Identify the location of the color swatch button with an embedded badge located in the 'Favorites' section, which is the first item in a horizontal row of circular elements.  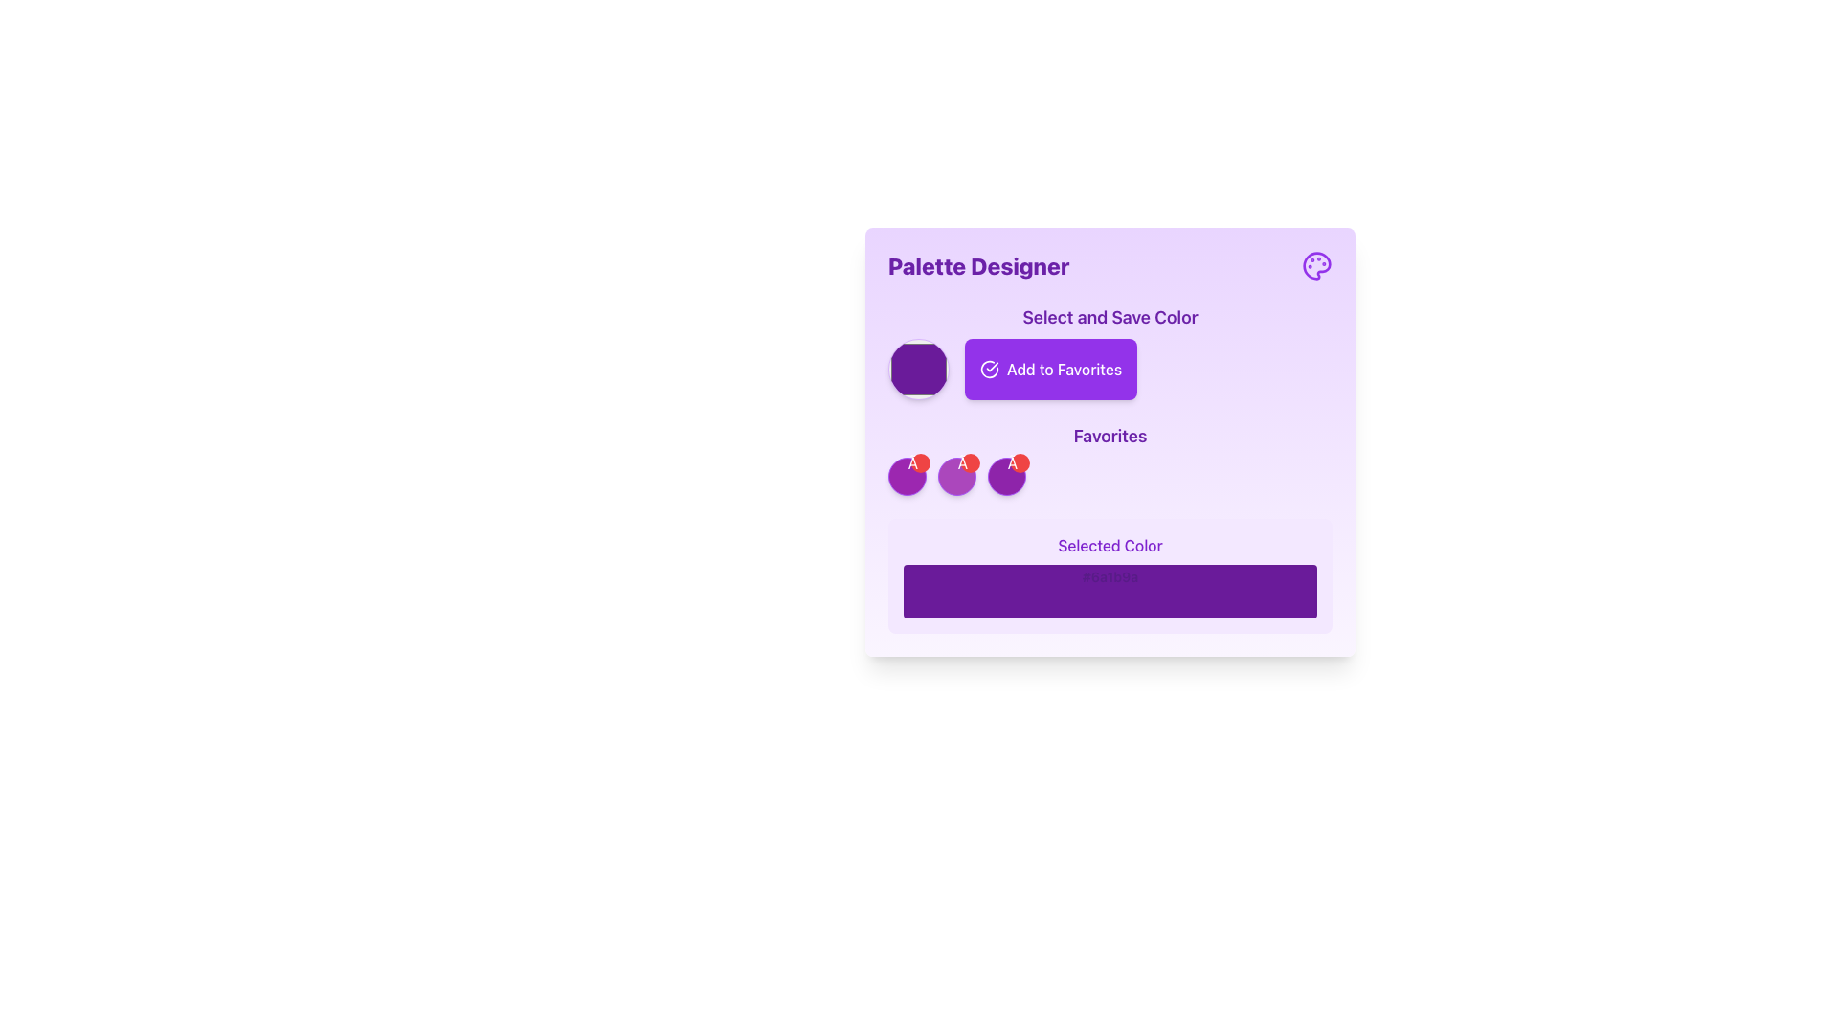
(907, 475).